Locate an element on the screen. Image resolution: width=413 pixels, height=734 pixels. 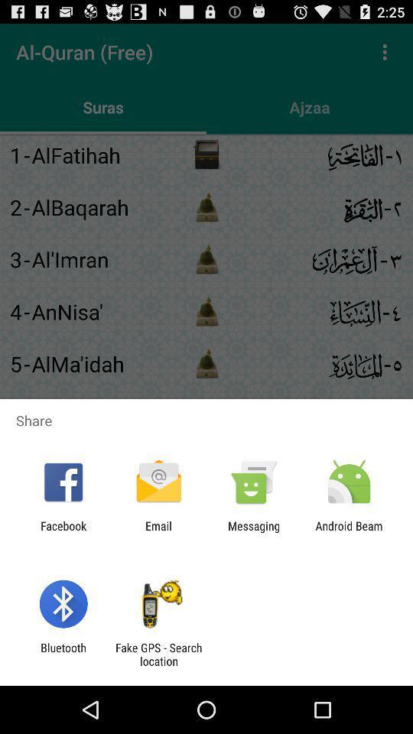
the app next to the android beam icon is located at coordinates (254, 532).